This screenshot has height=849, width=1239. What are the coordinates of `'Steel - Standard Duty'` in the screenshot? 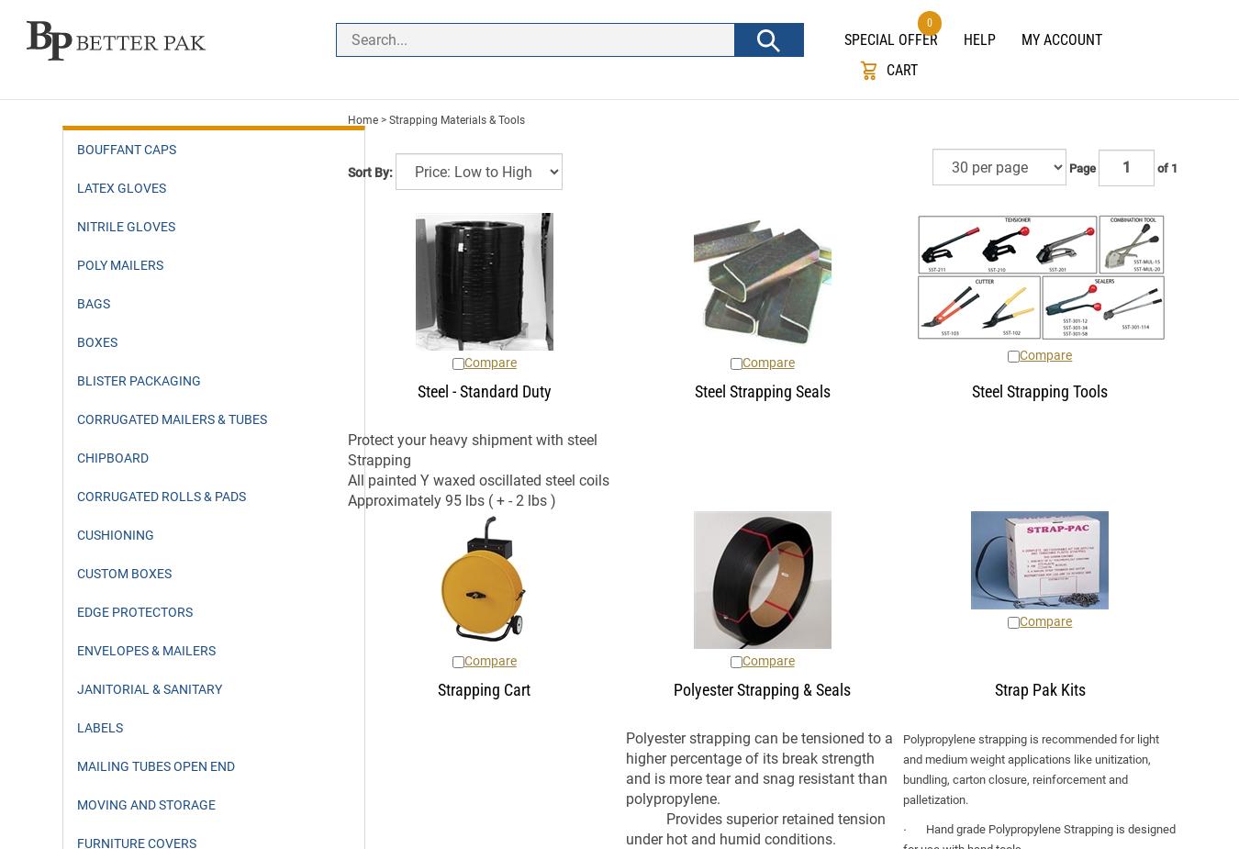 It's located at (483, 390).